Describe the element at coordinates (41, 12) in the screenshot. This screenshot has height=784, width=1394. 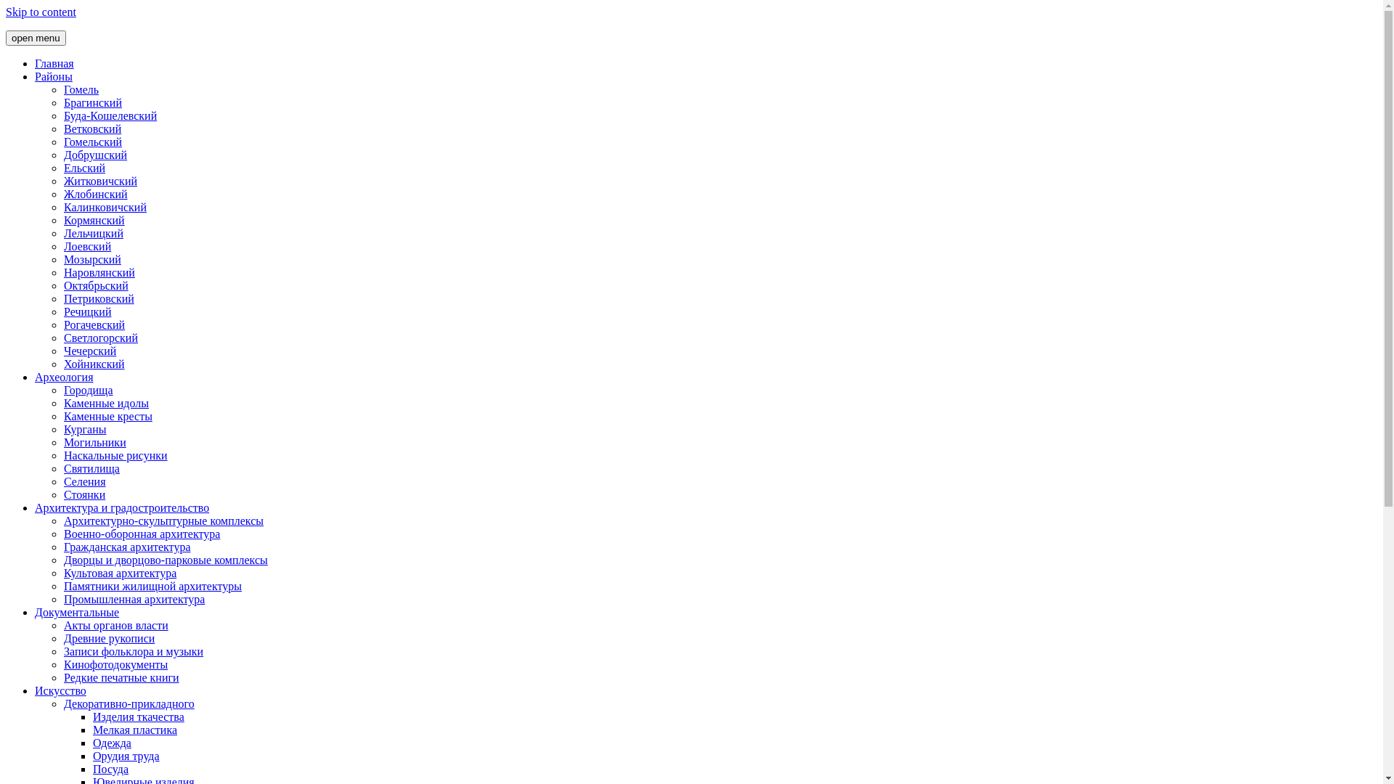
I see `'Skip to content'` at that location.